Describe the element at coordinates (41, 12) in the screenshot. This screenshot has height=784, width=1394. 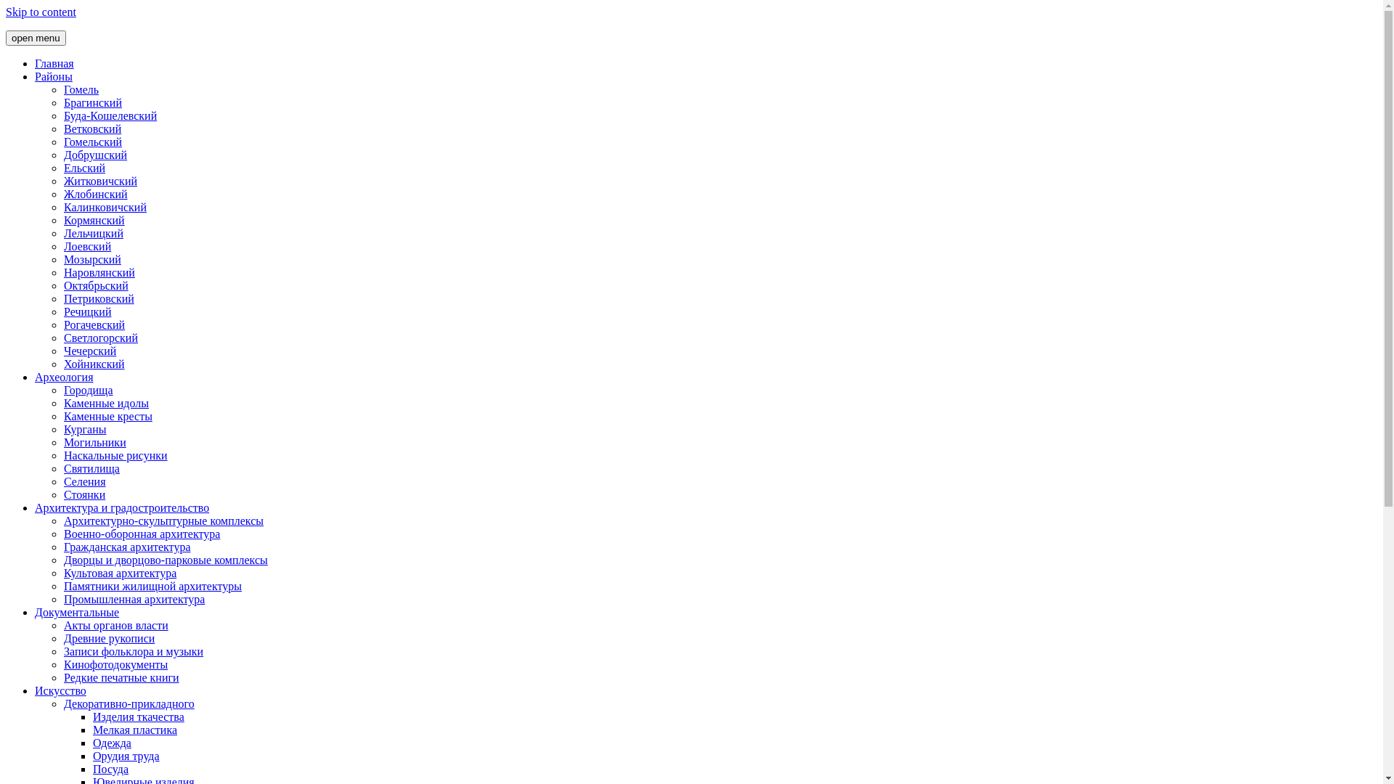
I see `'Skip to content'` at that location.